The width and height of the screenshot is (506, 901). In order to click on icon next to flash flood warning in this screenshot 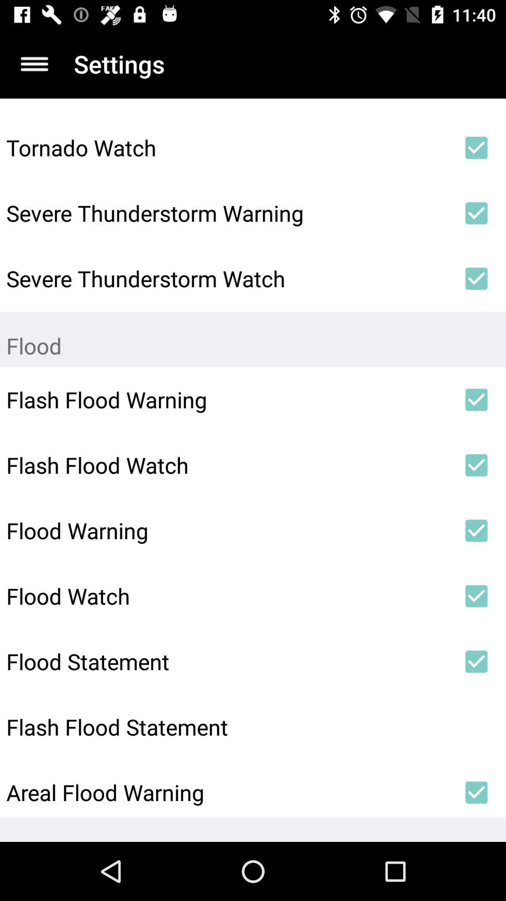, I will do `click(476, 399)`.